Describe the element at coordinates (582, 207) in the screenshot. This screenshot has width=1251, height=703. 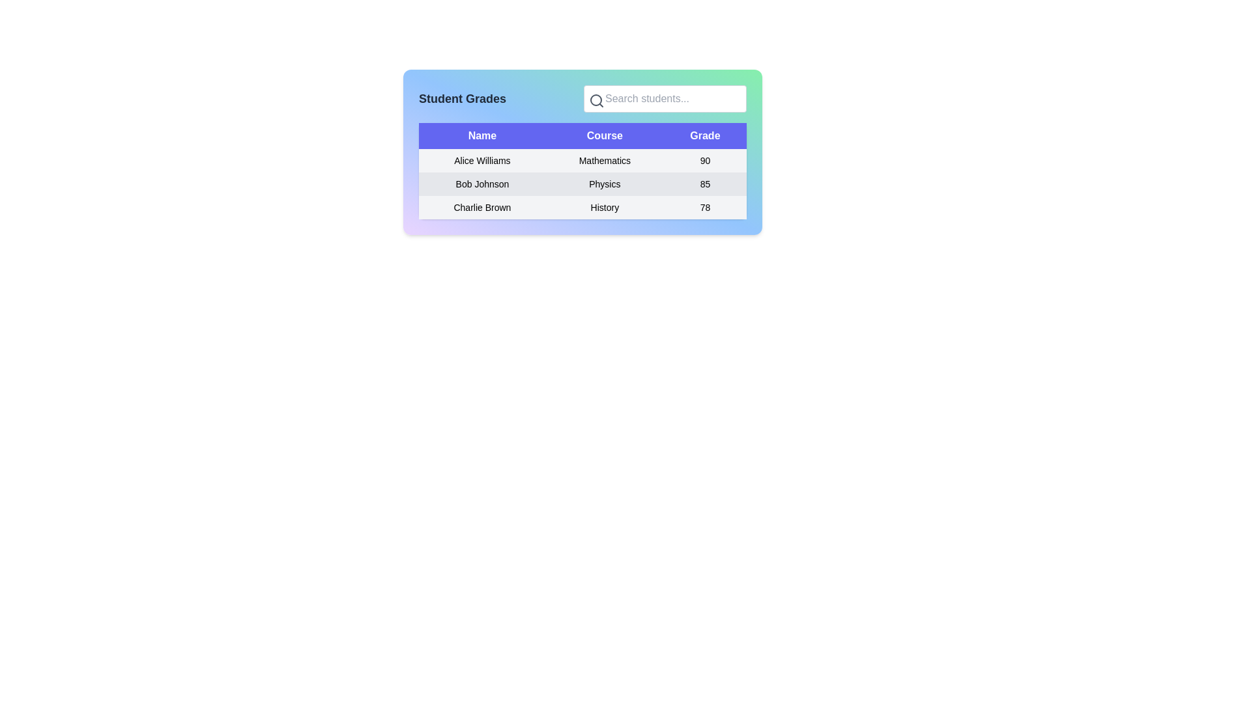
I see `the cells of the third row in the table displaying student information for 'Charlie Brown', 'History', and '78' to potentially trigger actions` at that location.